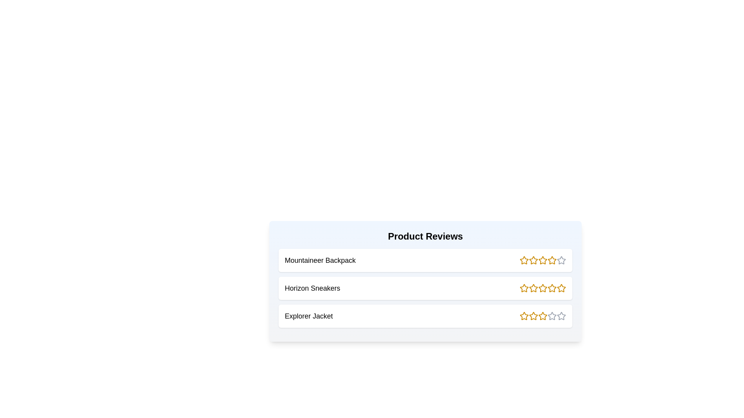  Describe the element at coordinates (524, 260) in the screenshot. I see `the rating of a product to 1 stars by clicking the corresponding star icon for the product Mountaineer Backpack` at that location.